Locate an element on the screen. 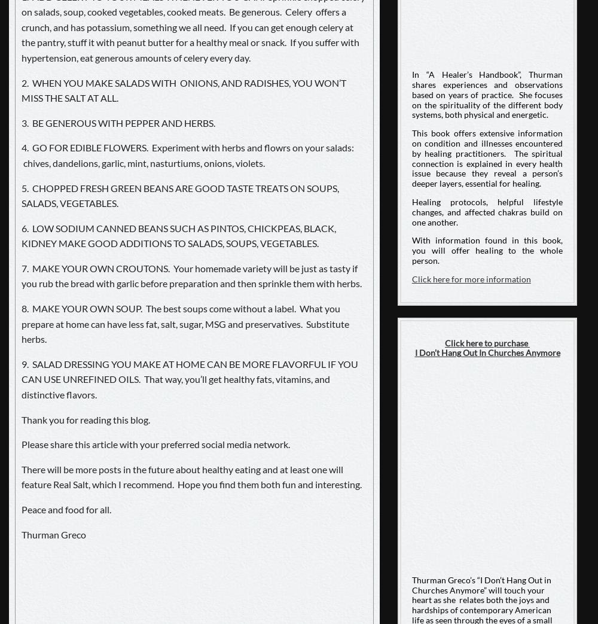 Image resolution: width=598 pixels, height=624 pixels. '7.  MAKE YOUR OWN CROUTONS.  Your homemade variety will be just as tasty if you rub the bread with garlic before preparation and then sprinkle them with herbs.' is located at coordinates (22, 275).